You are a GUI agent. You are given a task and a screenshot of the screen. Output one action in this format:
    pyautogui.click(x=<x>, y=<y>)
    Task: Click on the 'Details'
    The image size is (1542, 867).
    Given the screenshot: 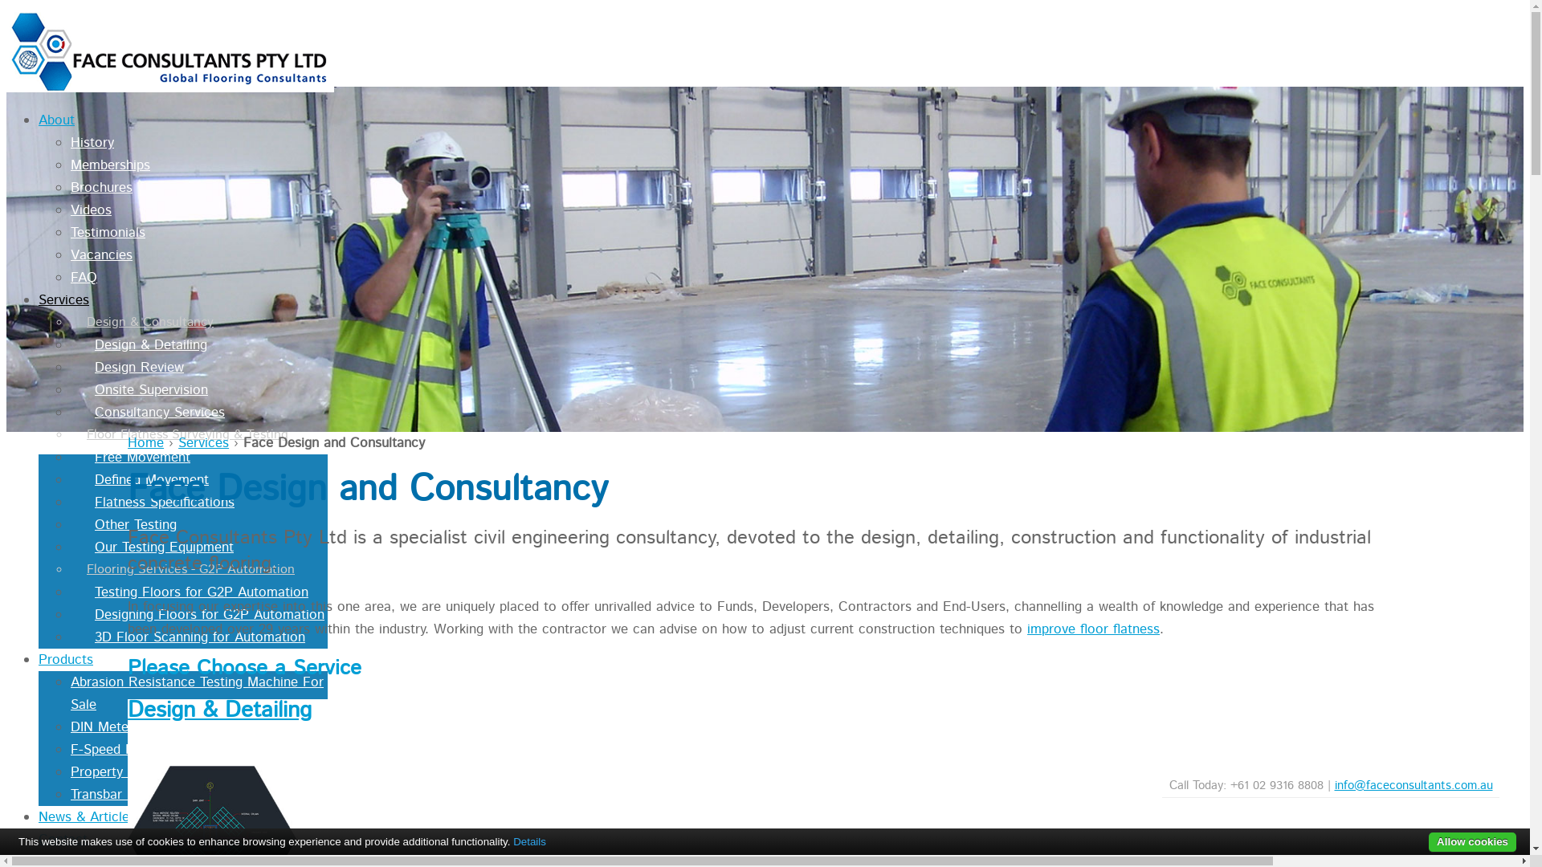 What is the action you would take?
    pyautogui.click(x=512, y=841)
    